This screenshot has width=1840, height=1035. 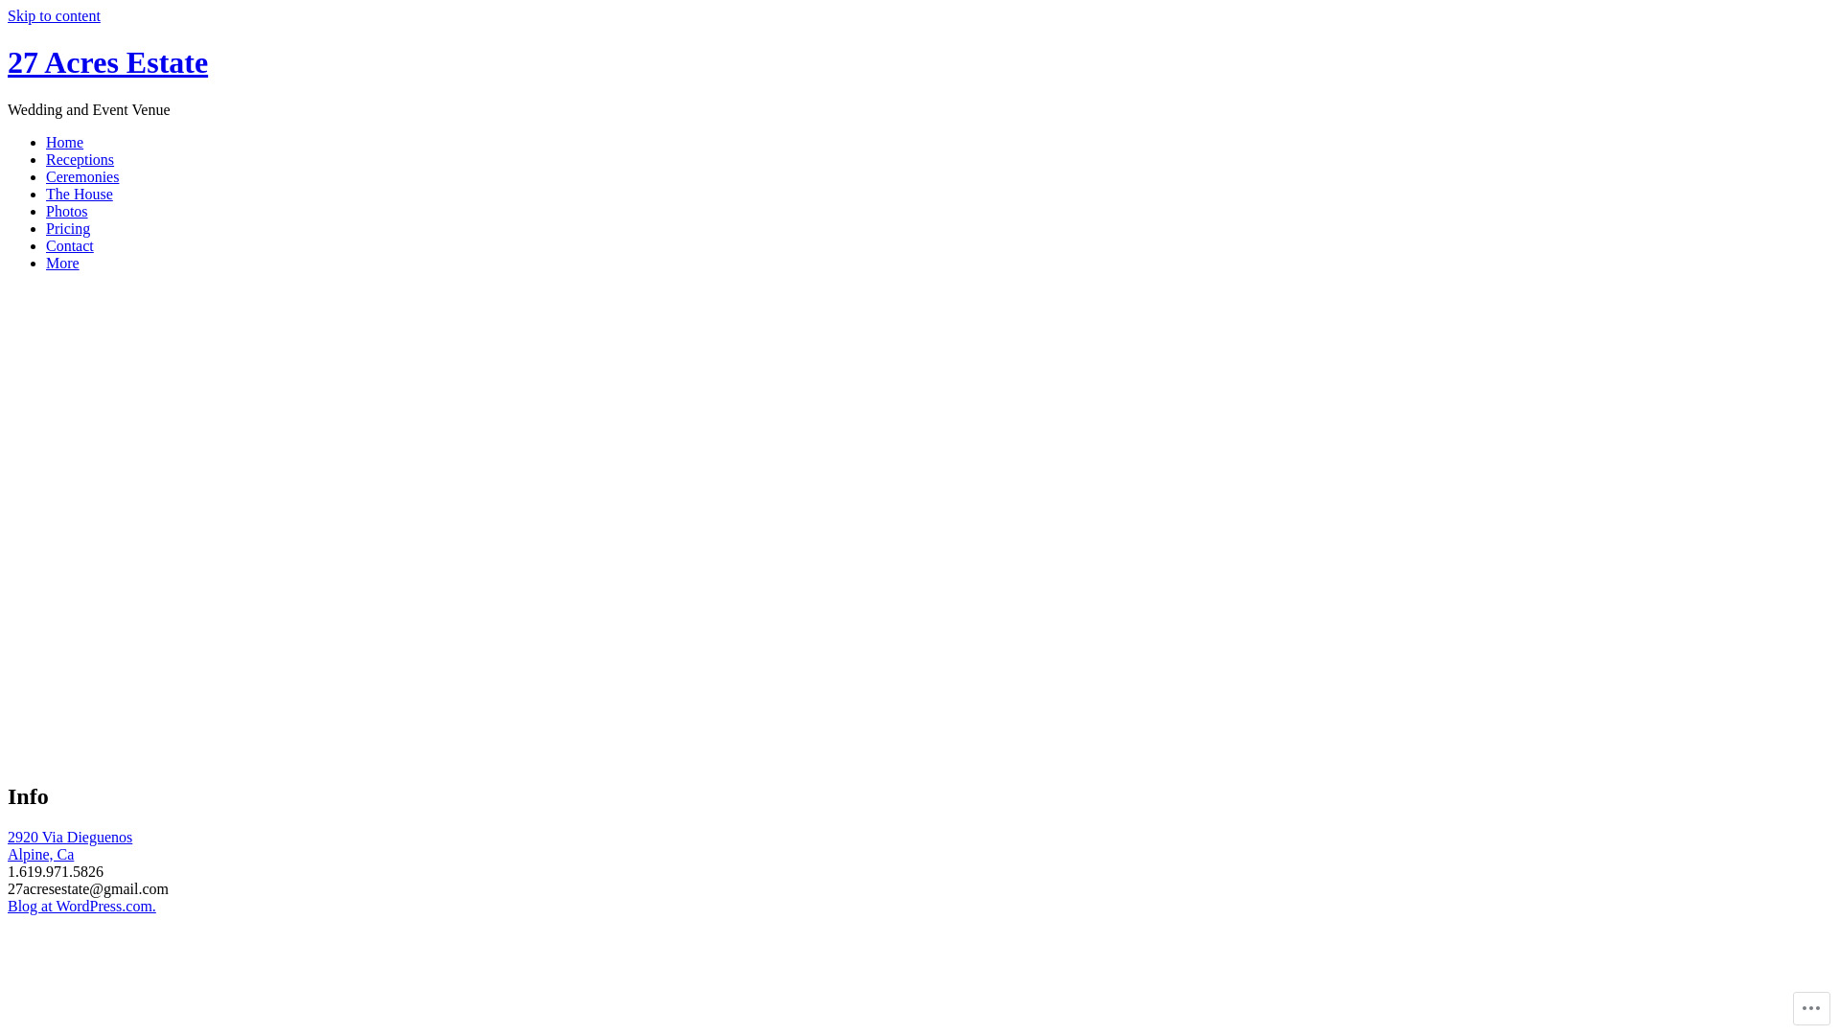 What do you see at coordinates (79, 158) in the screenshot?
I see `'Receptions'` at bounding box center [79, 158].